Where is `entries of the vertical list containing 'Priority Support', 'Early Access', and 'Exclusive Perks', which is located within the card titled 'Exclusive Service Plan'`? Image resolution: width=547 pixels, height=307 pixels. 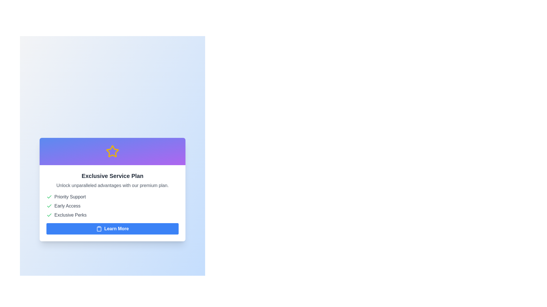
entries of the vertical list containing 'Priority Support', 'Early Access', and 'Exclusive Perks', which is located within the card titled 'Exclusive Service Plan' is located at coordinates (112, 206).